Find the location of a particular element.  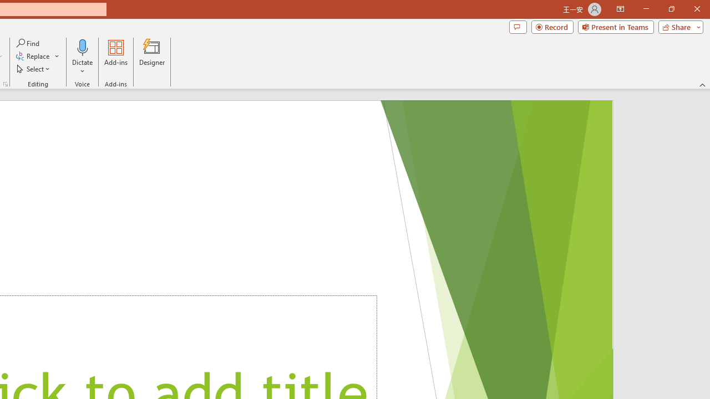

'Close' is located at coordinates (696, 9).